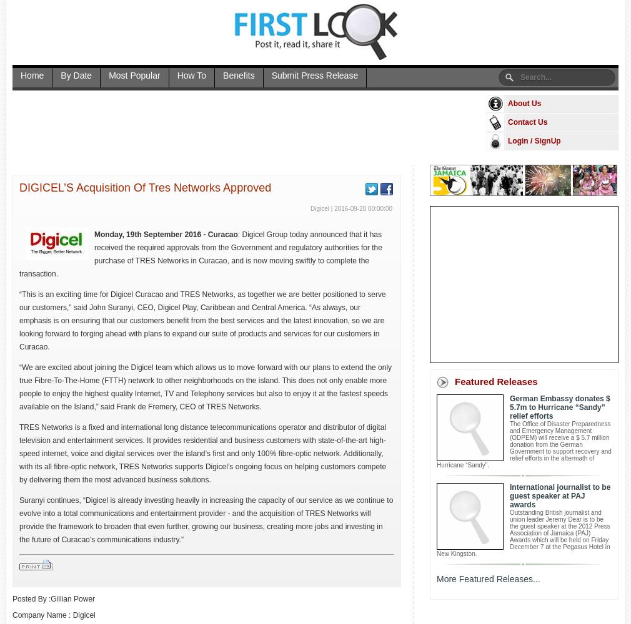 Image resolution: width=631 pixels, height=624 pixels. I want to click on 'Company Name  : Digicel', so click(52, 615).